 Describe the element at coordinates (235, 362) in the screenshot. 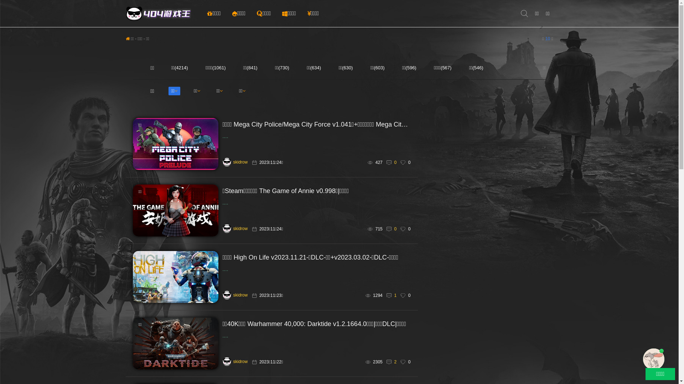

I see `'skidrow'` at that location.